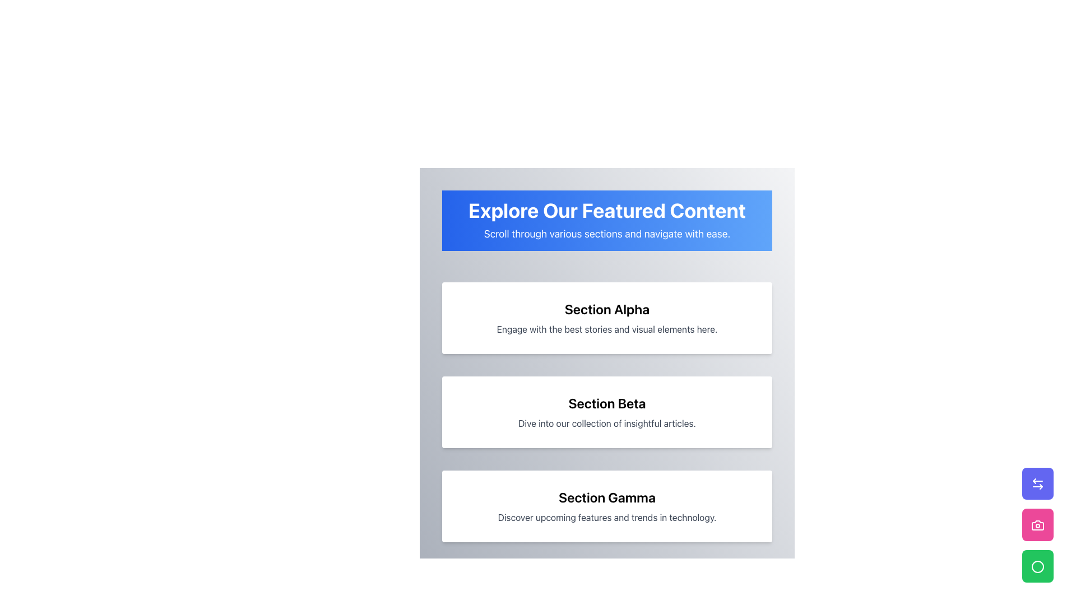 The width and height of the screenshot is (1076, 605). What do you see at coordinates (606, 233) in the screenshot?
I see `the text label providing a brief description or tagline below the title 'Explore Our Featured Content' in the highlighted banner section` at bounding box center [606, 233].